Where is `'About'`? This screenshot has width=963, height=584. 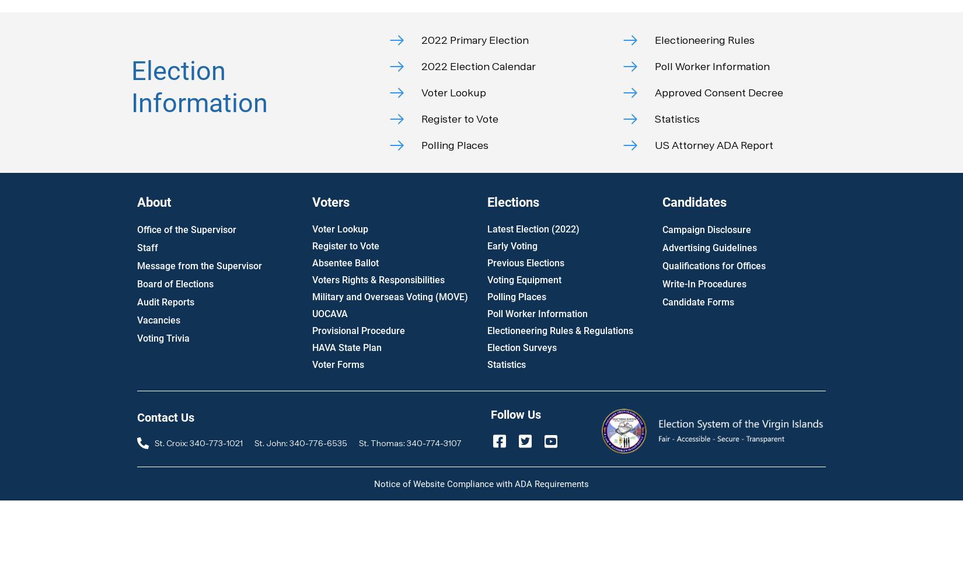 'About' is located at coordinates (154, 201).